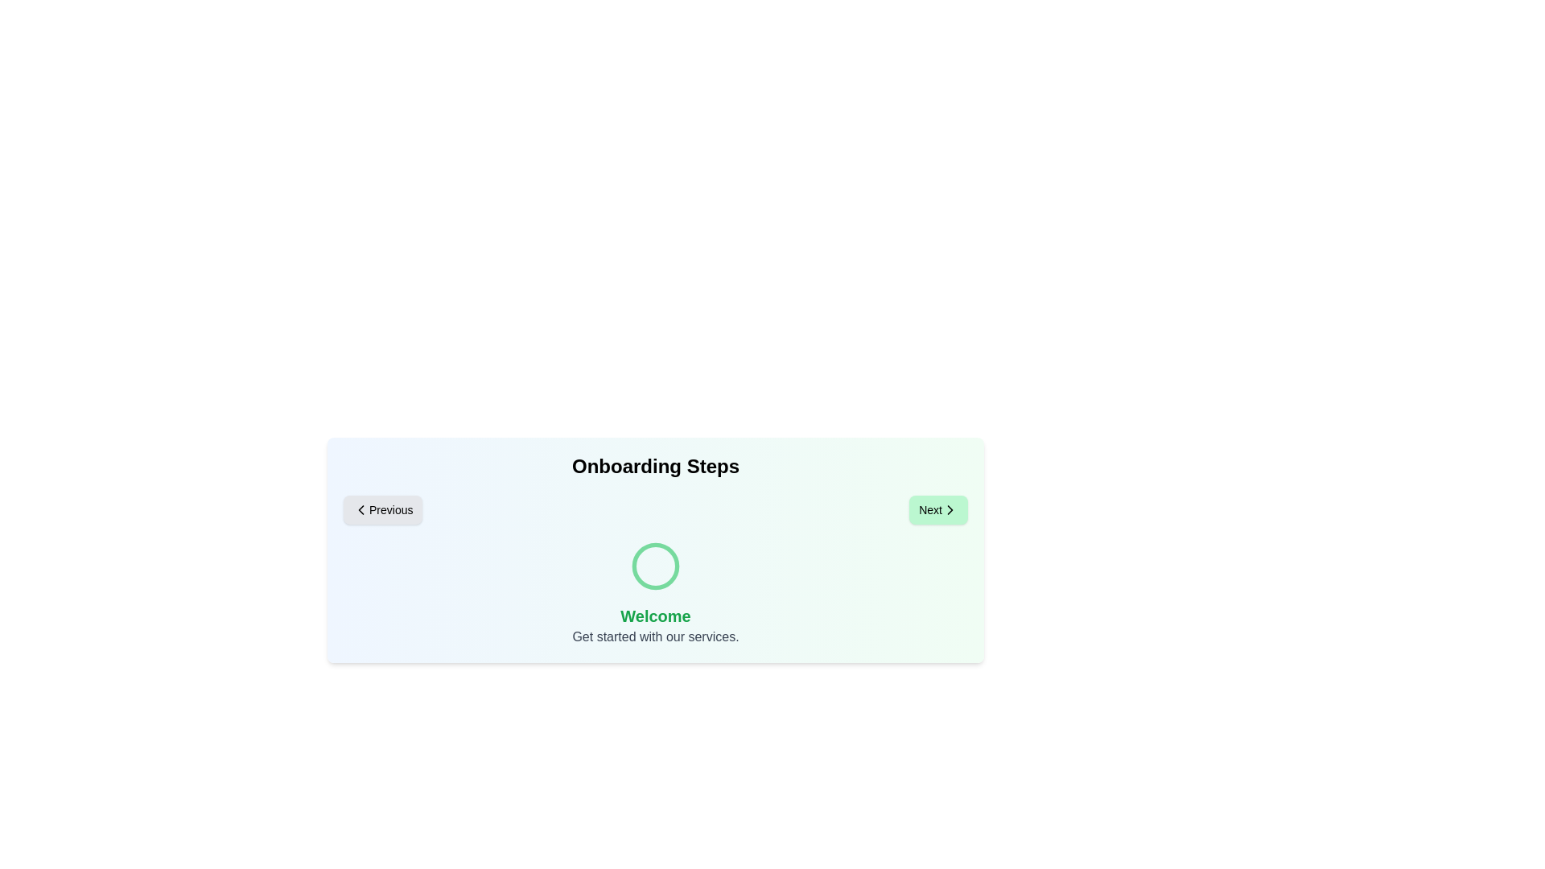 The image size is (1545, 869). Describe the element at coordinates (656, 616) in the screenshot. I see `the 'Welcome' title to select it` at that location.